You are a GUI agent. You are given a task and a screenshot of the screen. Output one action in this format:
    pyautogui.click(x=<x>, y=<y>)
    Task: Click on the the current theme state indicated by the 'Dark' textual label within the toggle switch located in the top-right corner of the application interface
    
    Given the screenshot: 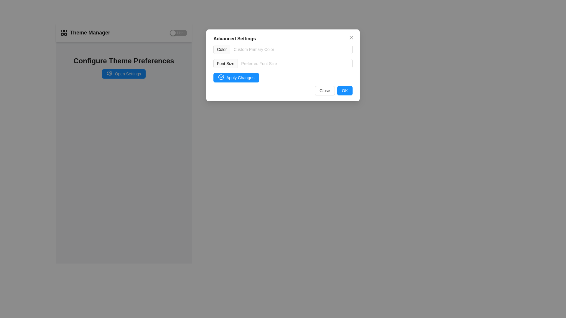 What is the action you would take?
    pyautogui.click(x=165, y=33)
    